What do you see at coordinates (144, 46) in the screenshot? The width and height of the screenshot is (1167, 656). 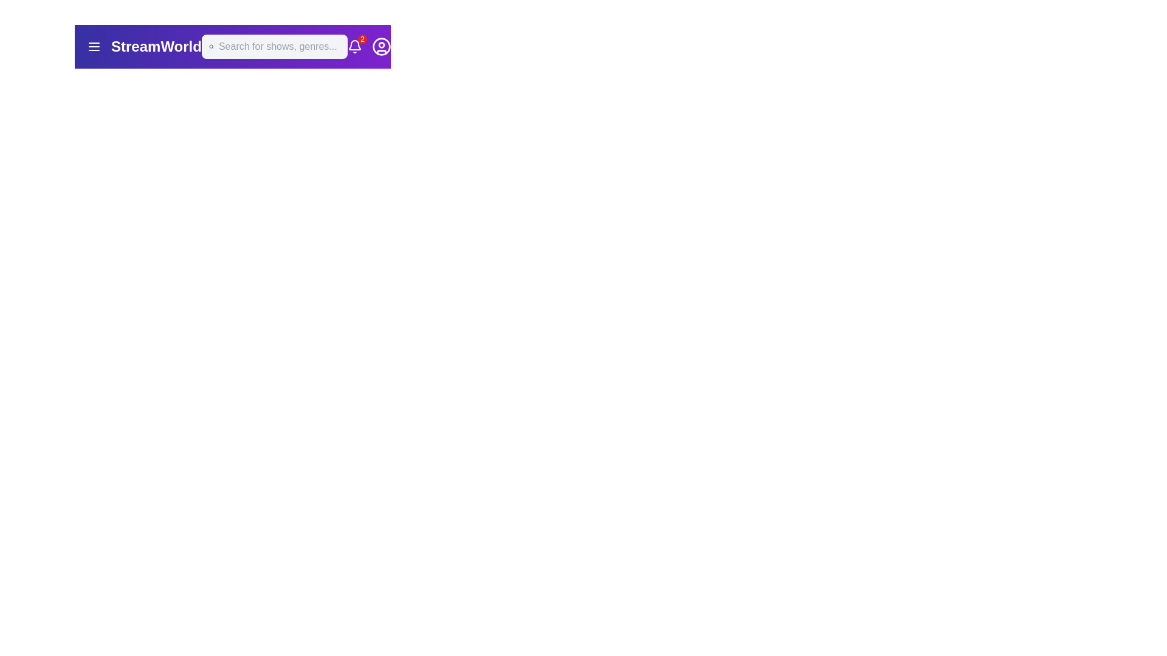 I see `the prominent text label "StreamWorld" located to the right of the menu icon in the header bar` at bounding box center [144, 46].